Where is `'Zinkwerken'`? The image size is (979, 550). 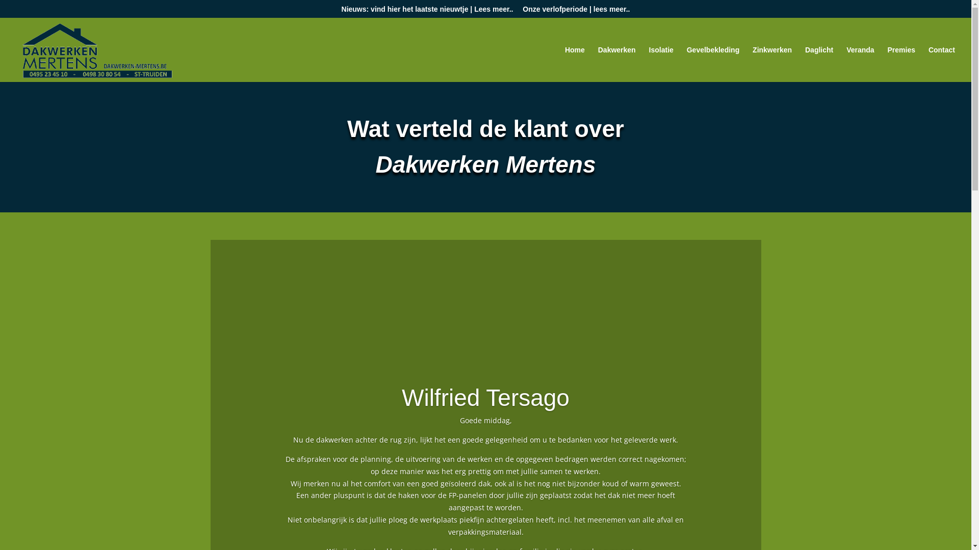
'Zinkwerken' is located at coordinates (772, 64).